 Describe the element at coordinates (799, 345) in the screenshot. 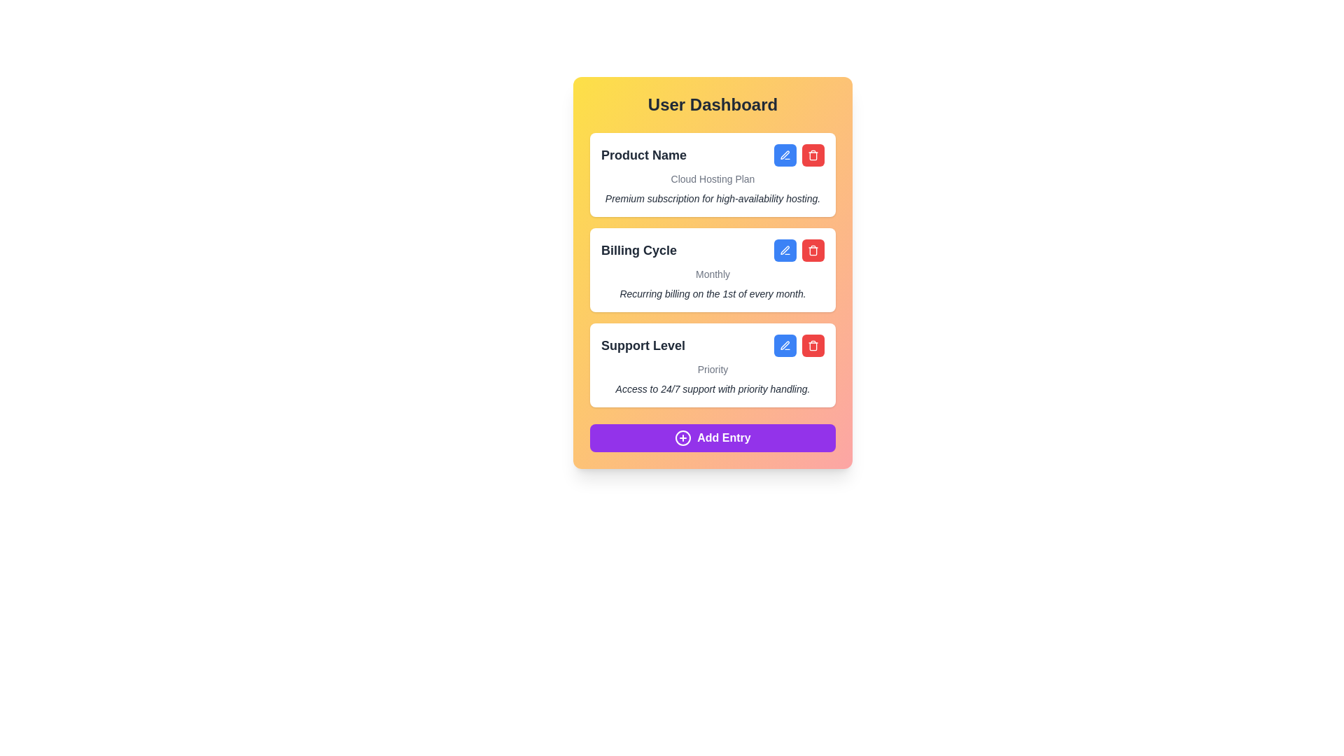

I see `the blue button in the A button group, located in the 'Support Level' section of the User Dashboard` at that location.